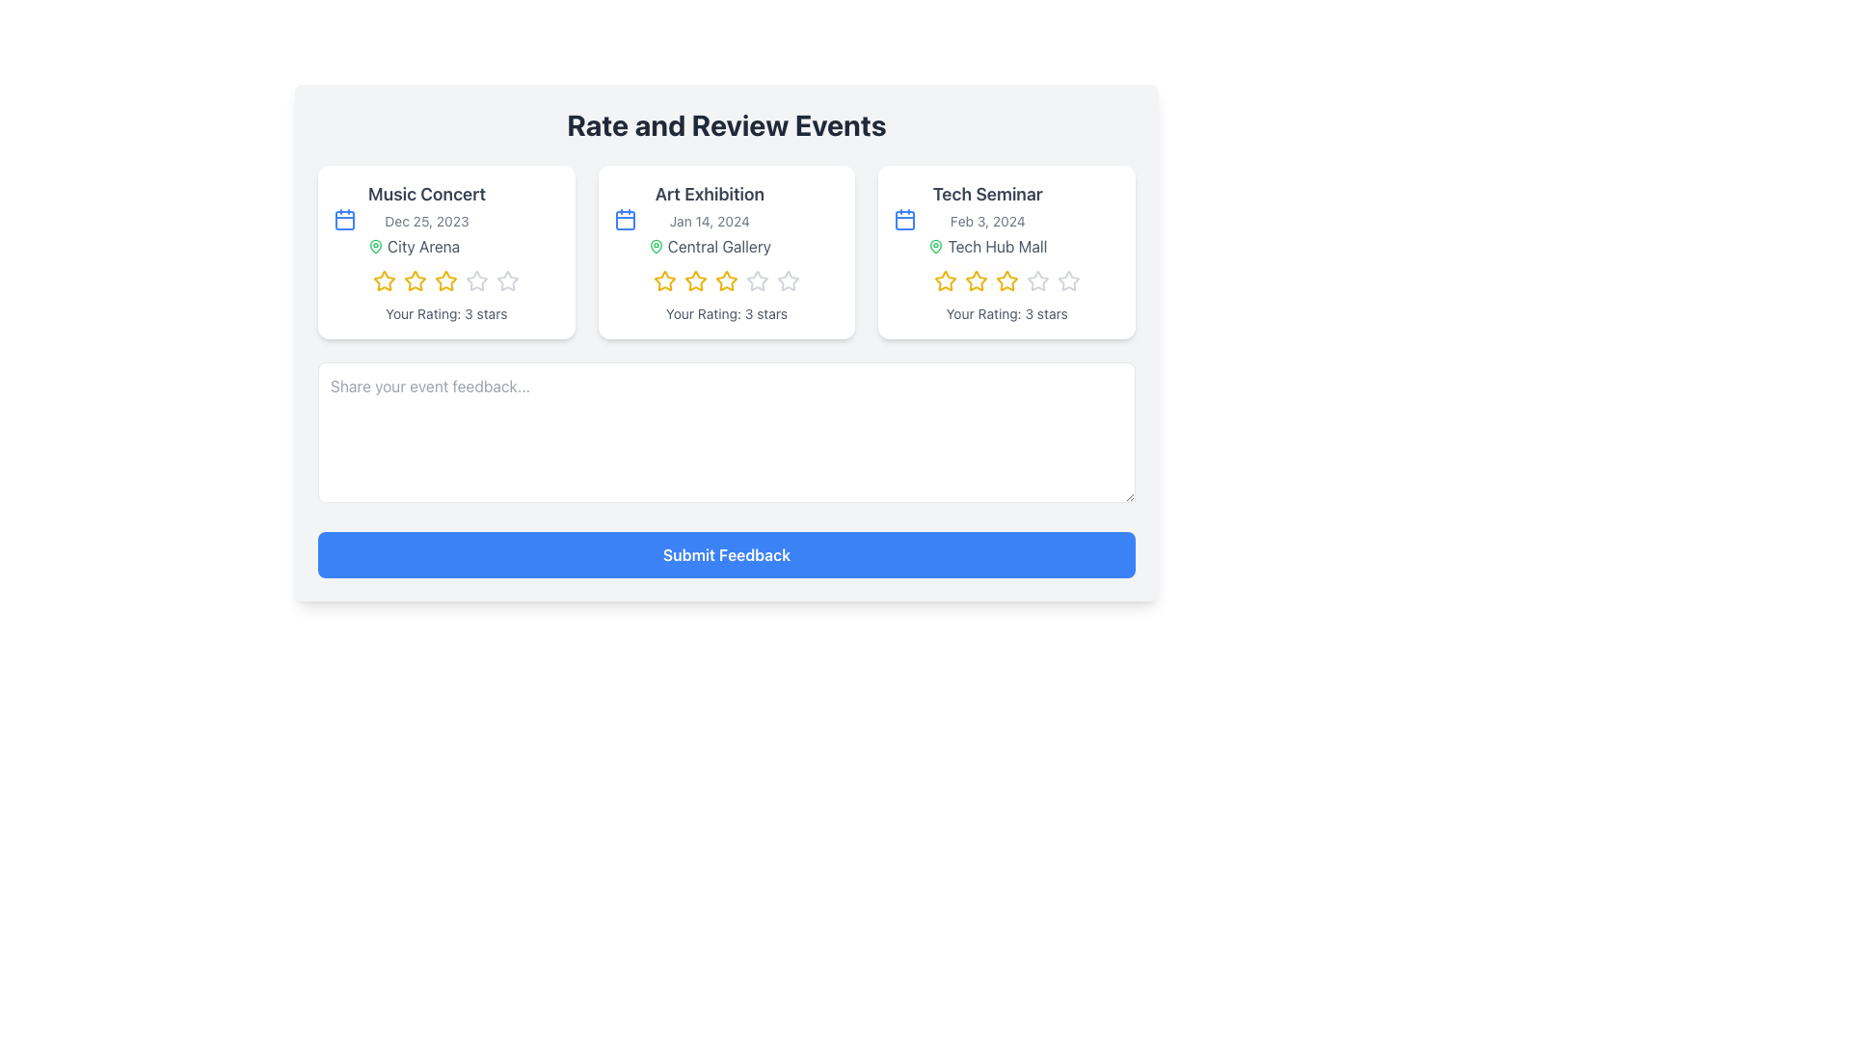 The width and height of the screenshot is (1851, 1041). What do you see at coordinates (709, 221) in the screenshot?
I see `displayed text from the text label showing the date 'Jan 14, 2024', which is positioned below the title 'Art Exhibition' and above 'Central Gallery'` at bounding box center [709, 221].